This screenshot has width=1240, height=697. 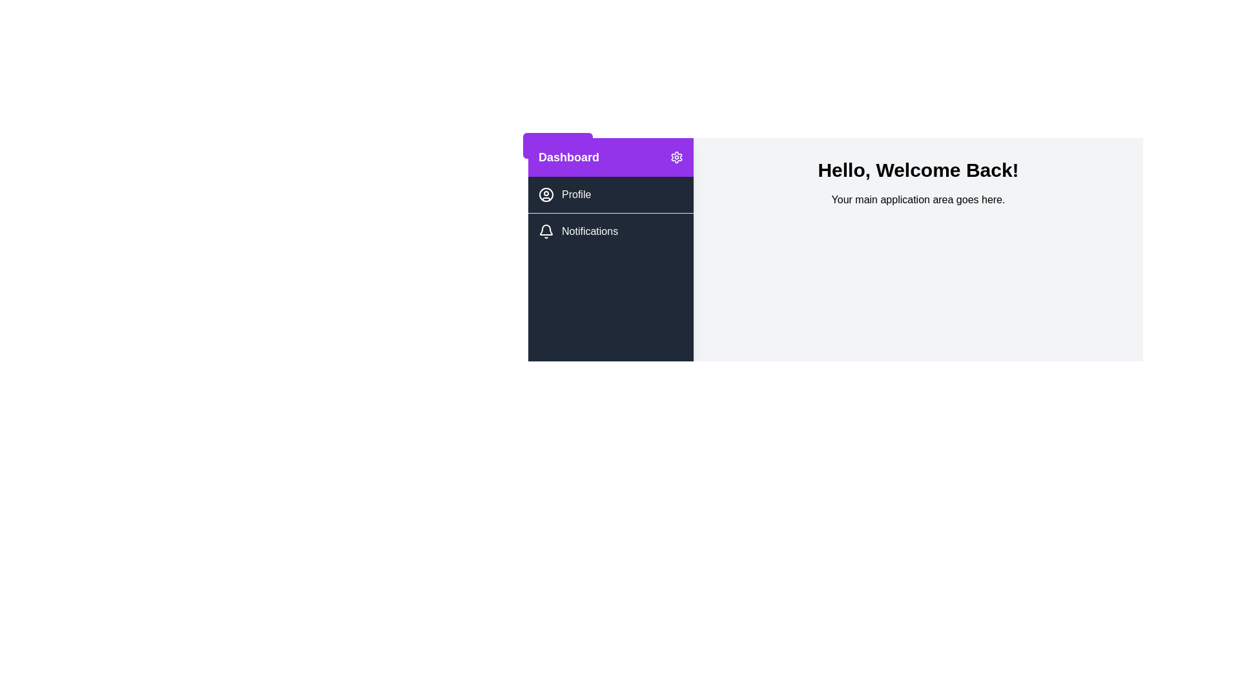 I want to click on the 'Notifications' button, which has a dark background, a left-aligned bell icon, and white text, for navigation, so click(x=610, y=230).